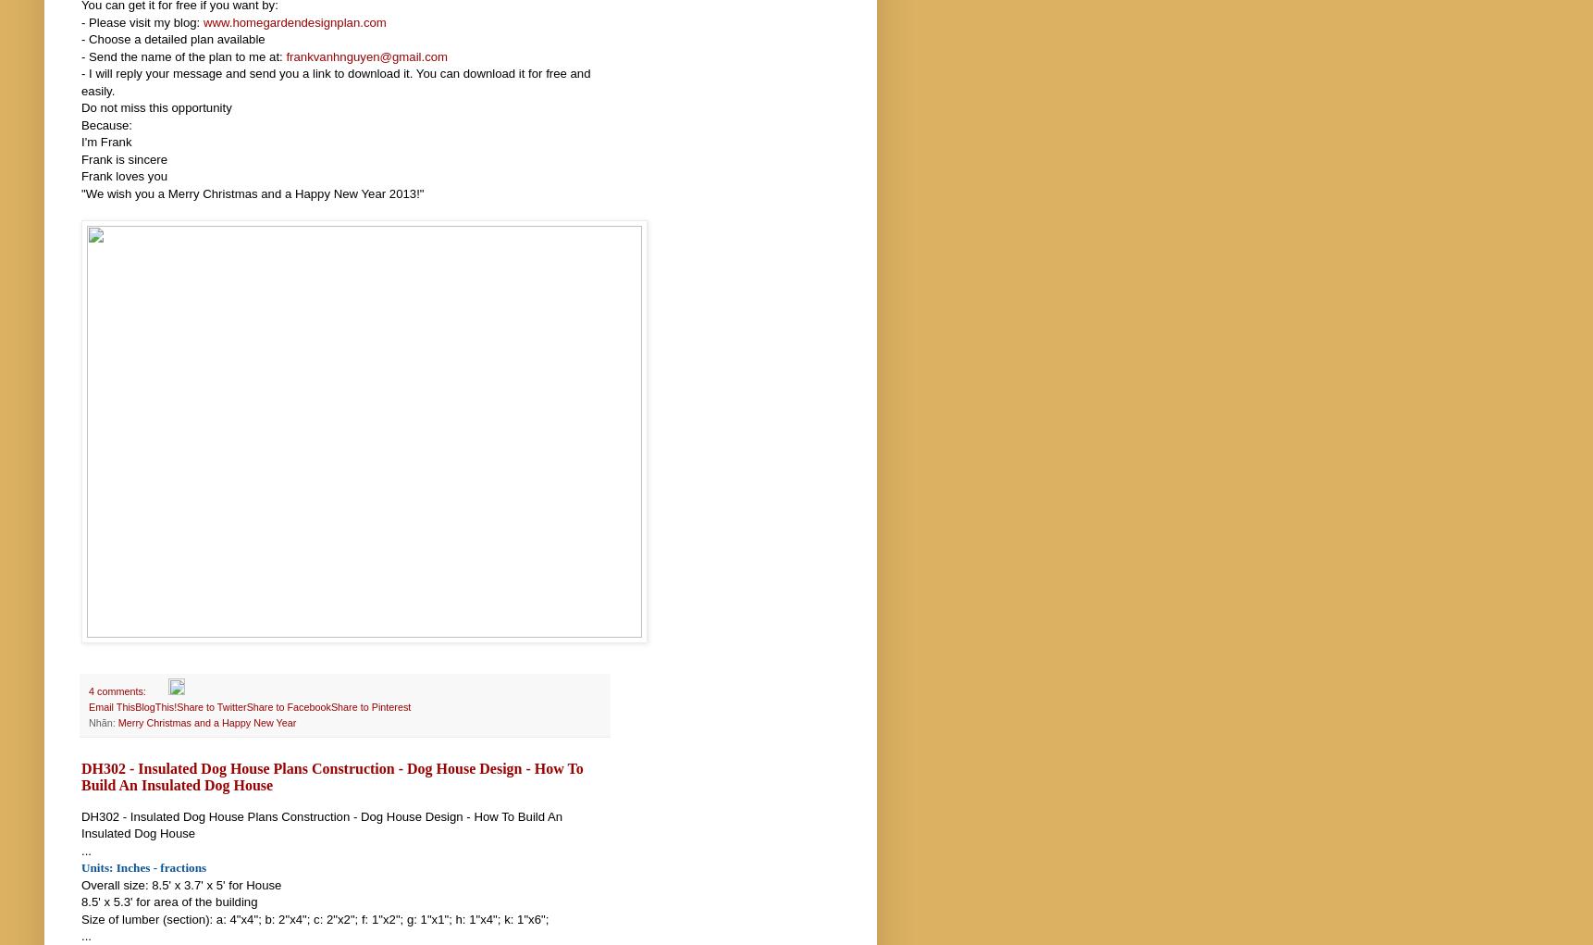  I want to click on 'I'm Frank', so click(105, 142).